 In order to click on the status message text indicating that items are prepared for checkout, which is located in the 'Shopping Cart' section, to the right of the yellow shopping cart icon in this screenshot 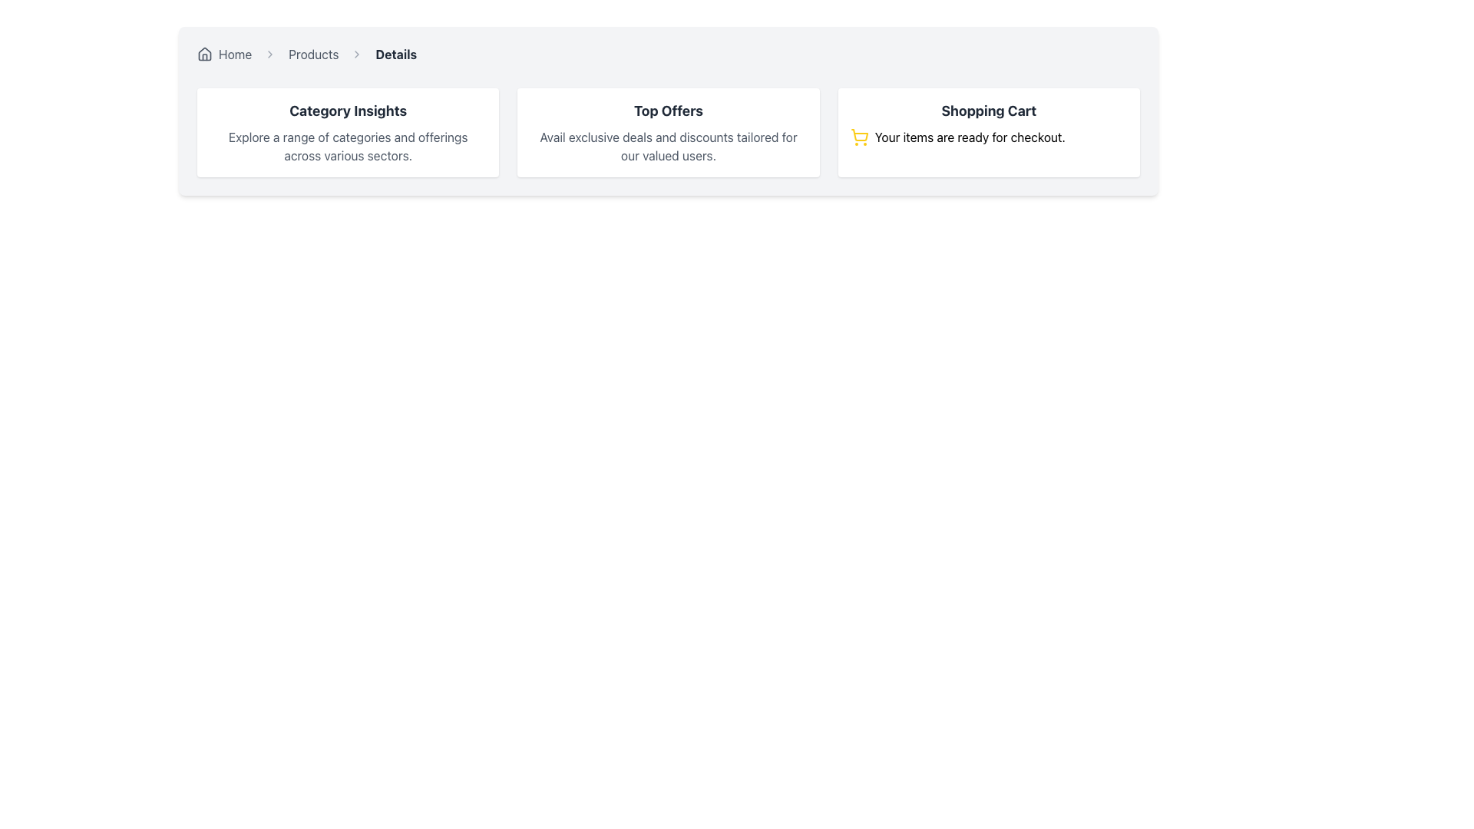, I will do `click(969, 136)`.